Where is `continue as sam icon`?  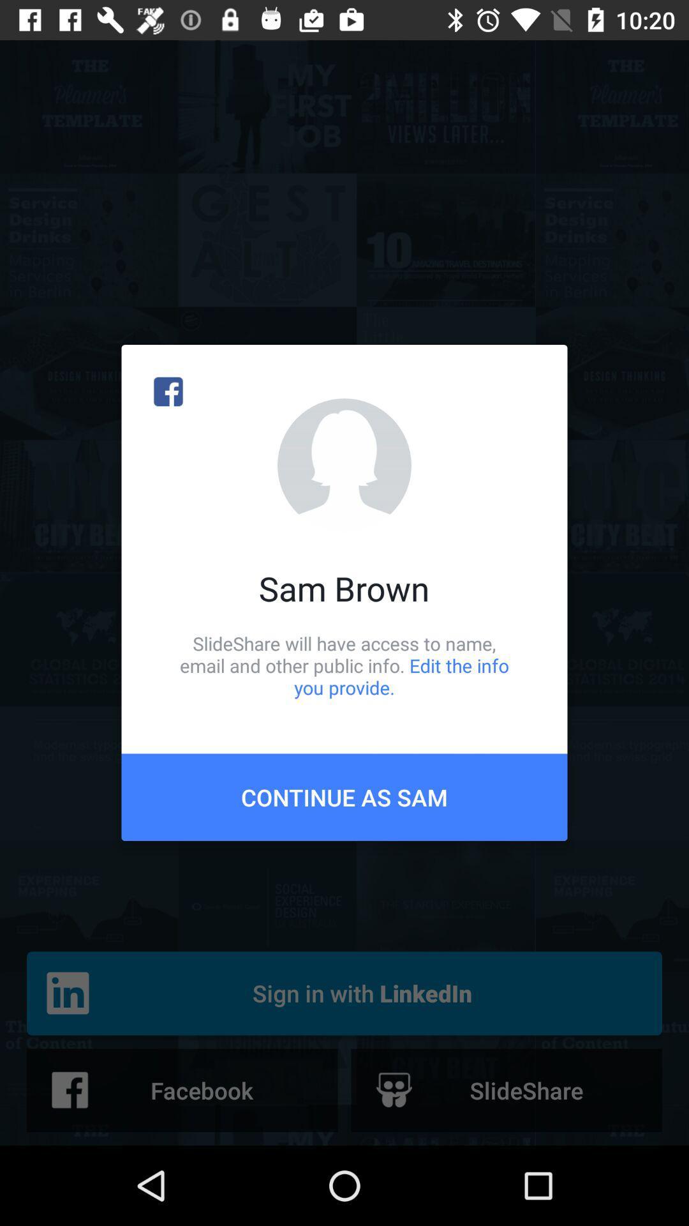 continue as sam icon is located at coordinates (344, 796).